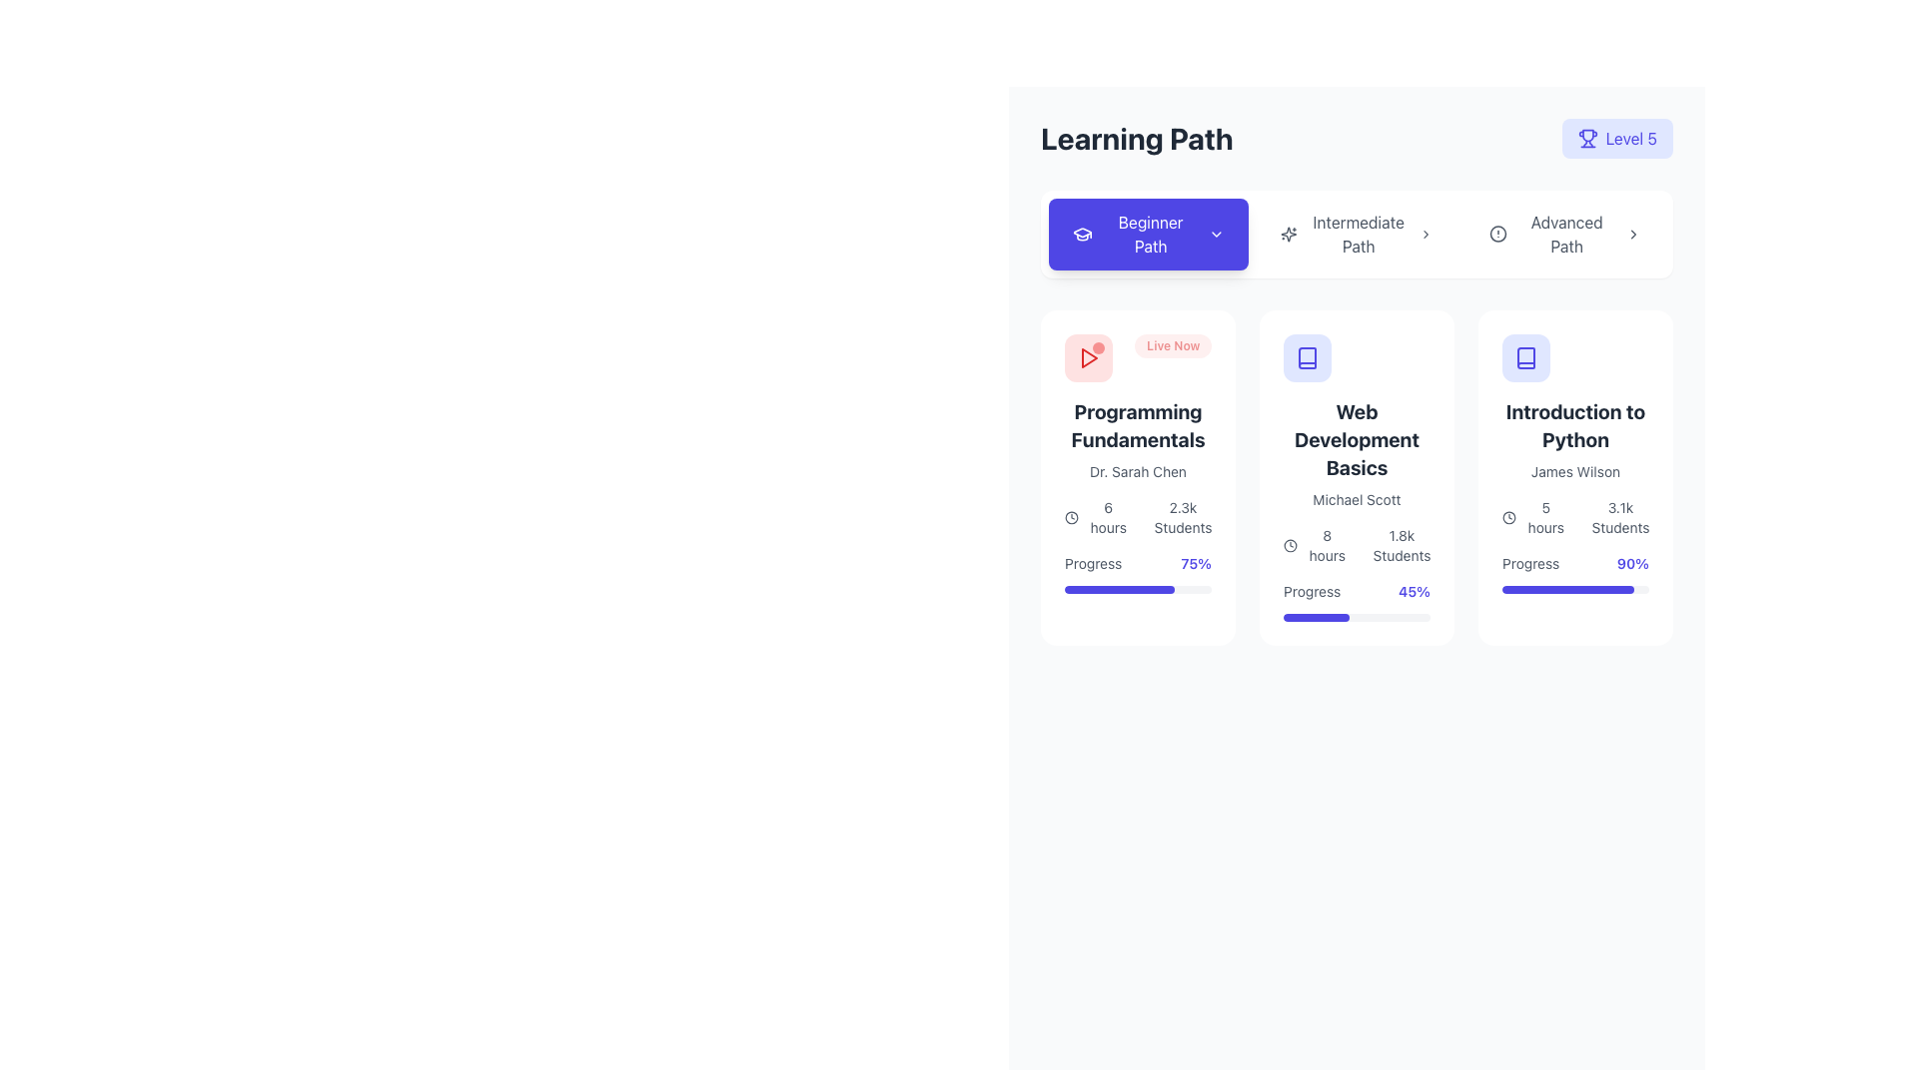 The image size is (1918, 1078). Describe the element at coordinates (1524, 356) in the screenshot. I see `the open book SVG graphic icon located in the top-left corner of the 'Introduction to Python' course card` at that location.